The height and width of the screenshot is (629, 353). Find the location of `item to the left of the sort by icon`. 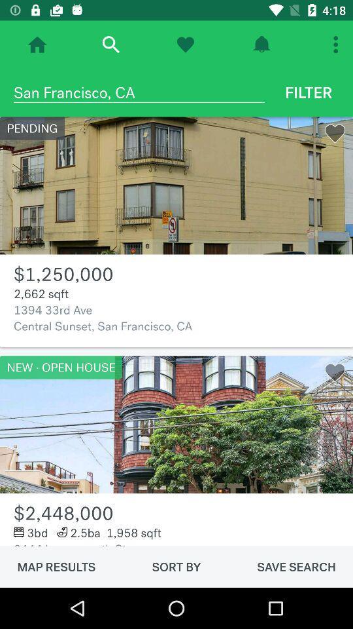

item to the left of the sort by icon is located at coordinates (56, 566).